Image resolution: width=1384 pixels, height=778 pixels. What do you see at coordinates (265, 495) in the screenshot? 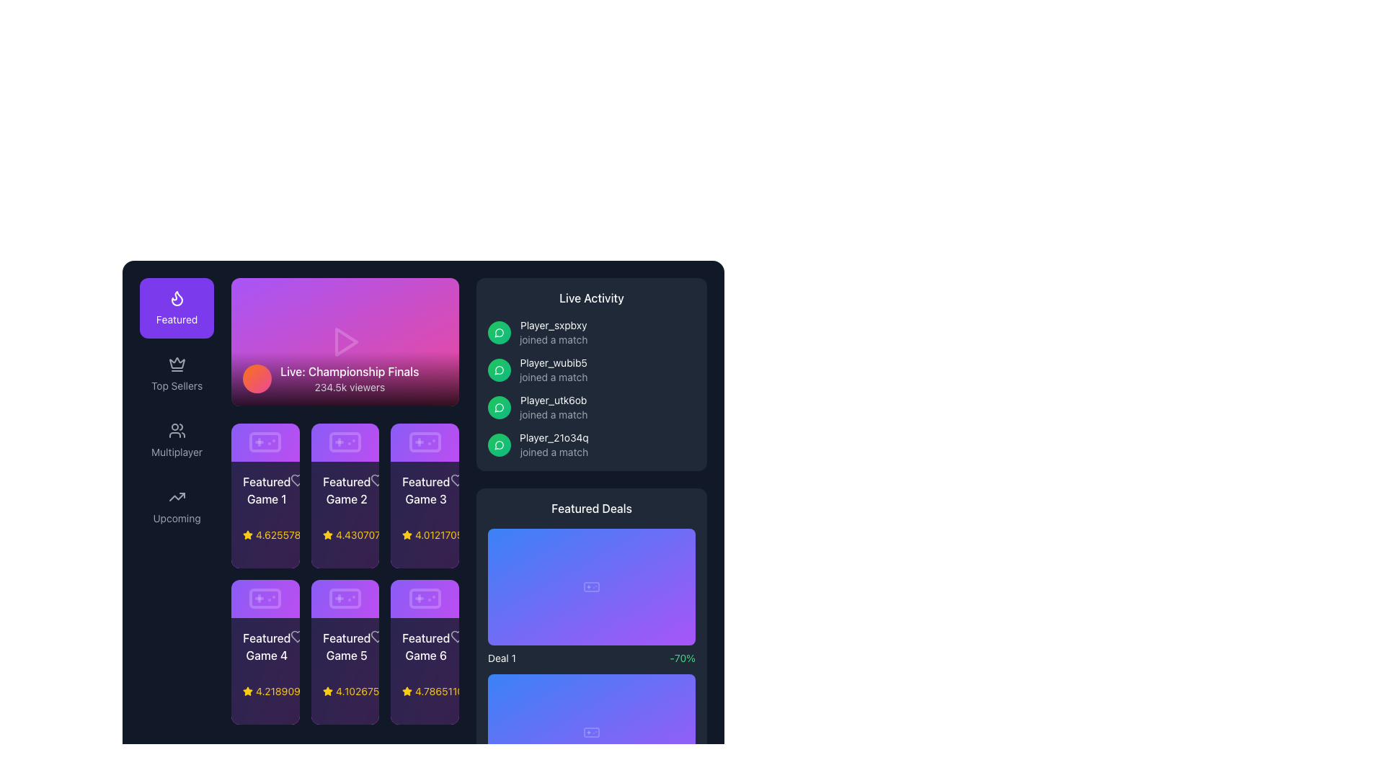
I see `the first card in the 'Featured Games' section, which showcases a featured game including its title, star rating, number of online users, and price` at bounding box center [265, 495].